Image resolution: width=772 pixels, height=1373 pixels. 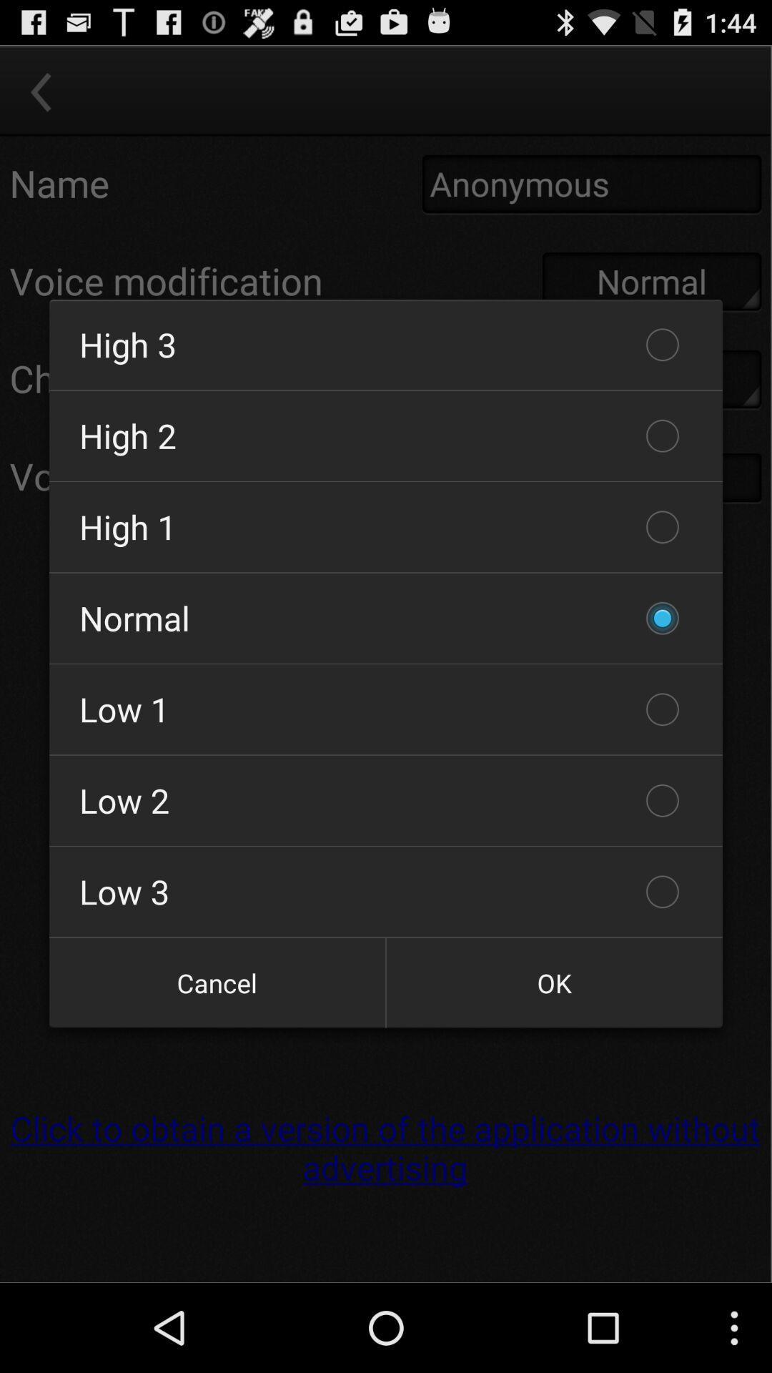 I want to click on the cancel icon, so click(x=217, y=982).